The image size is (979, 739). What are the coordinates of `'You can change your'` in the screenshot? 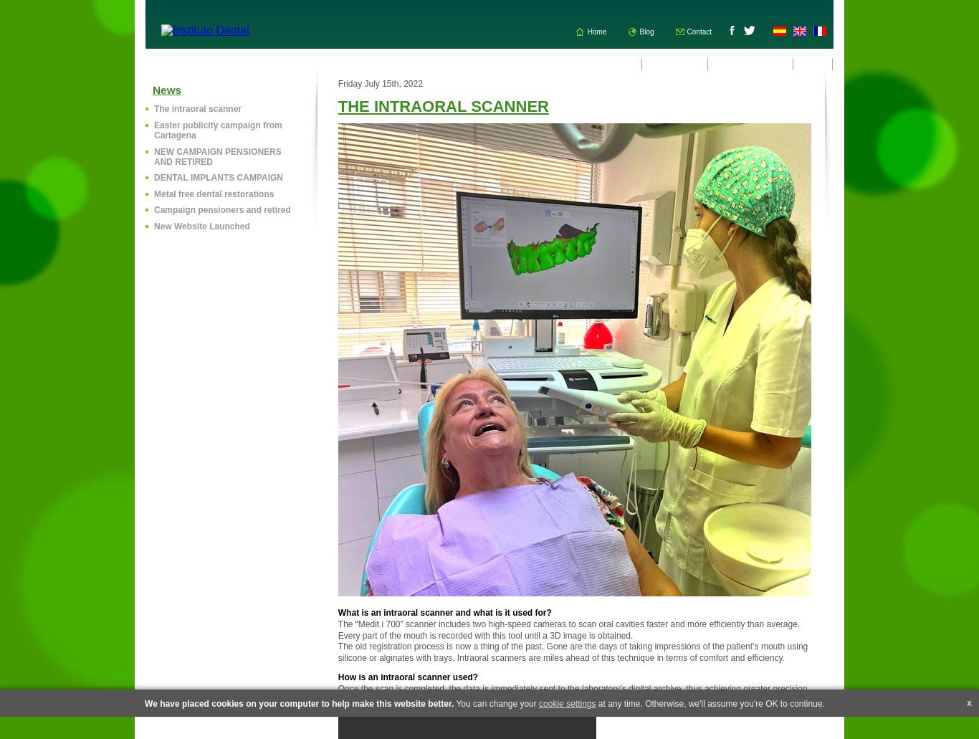 It's located at (496, 703).